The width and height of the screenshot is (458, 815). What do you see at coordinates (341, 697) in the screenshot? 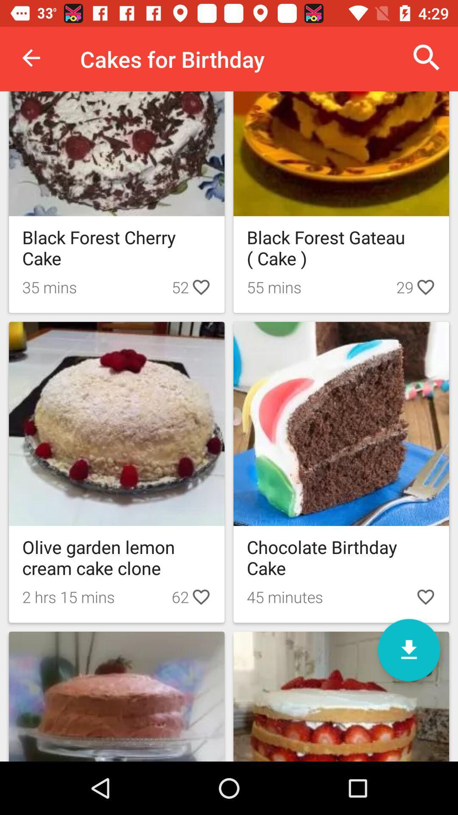
I see `the image at the bottom right corner of the page` at bounding box center [341, 697].